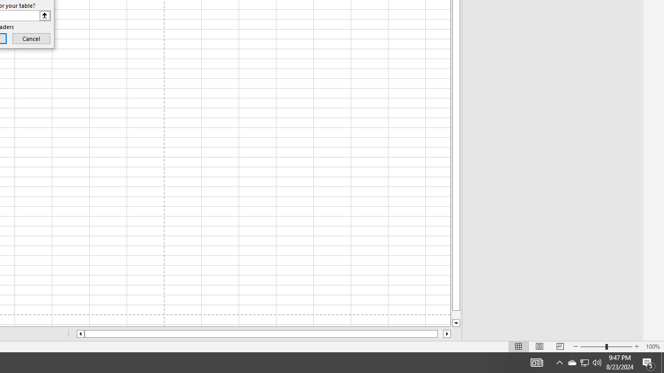 This screenshot has height=373, width=664. What do you see at coordinates (519, 347) in the screenshot?
I see `'Normal'` at bounding box center [519, 347].